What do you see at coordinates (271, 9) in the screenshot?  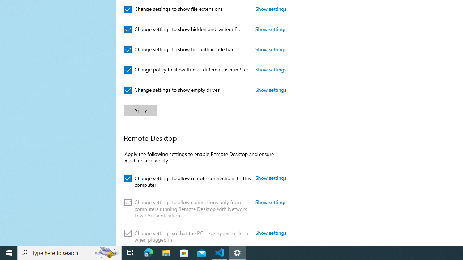 I see `'Show settings: Change settings to show file extensions'` at bounding box center [271, 9].